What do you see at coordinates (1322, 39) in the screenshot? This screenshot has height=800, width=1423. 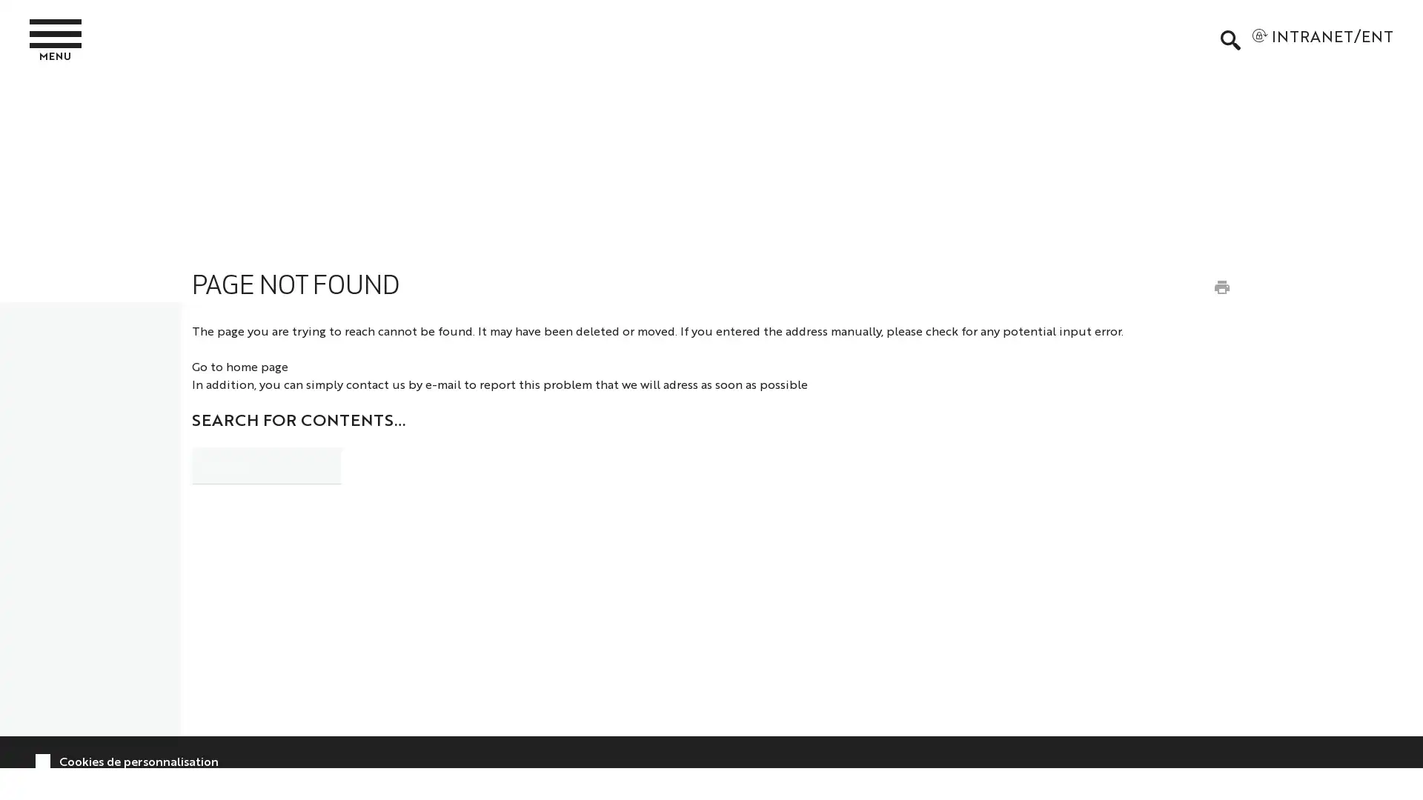 I see `INTRANET/ENT` at bounding box center [1322, 39].